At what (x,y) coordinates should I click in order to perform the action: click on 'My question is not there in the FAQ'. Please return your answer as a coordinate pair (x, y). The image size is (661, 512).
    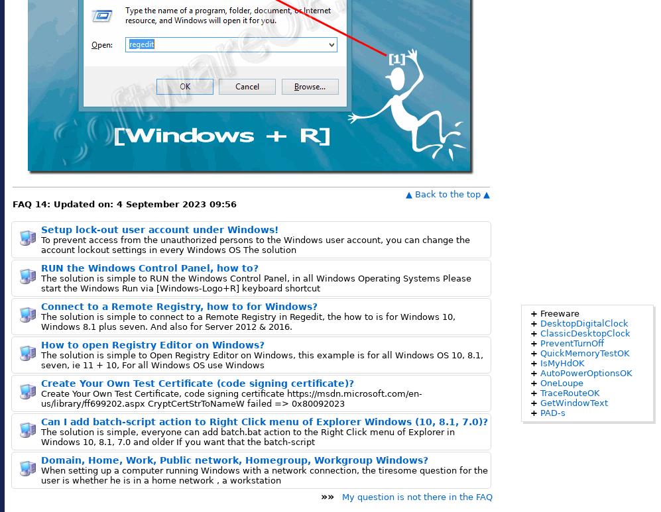
    Looking at the image, I should click on (416, 496).